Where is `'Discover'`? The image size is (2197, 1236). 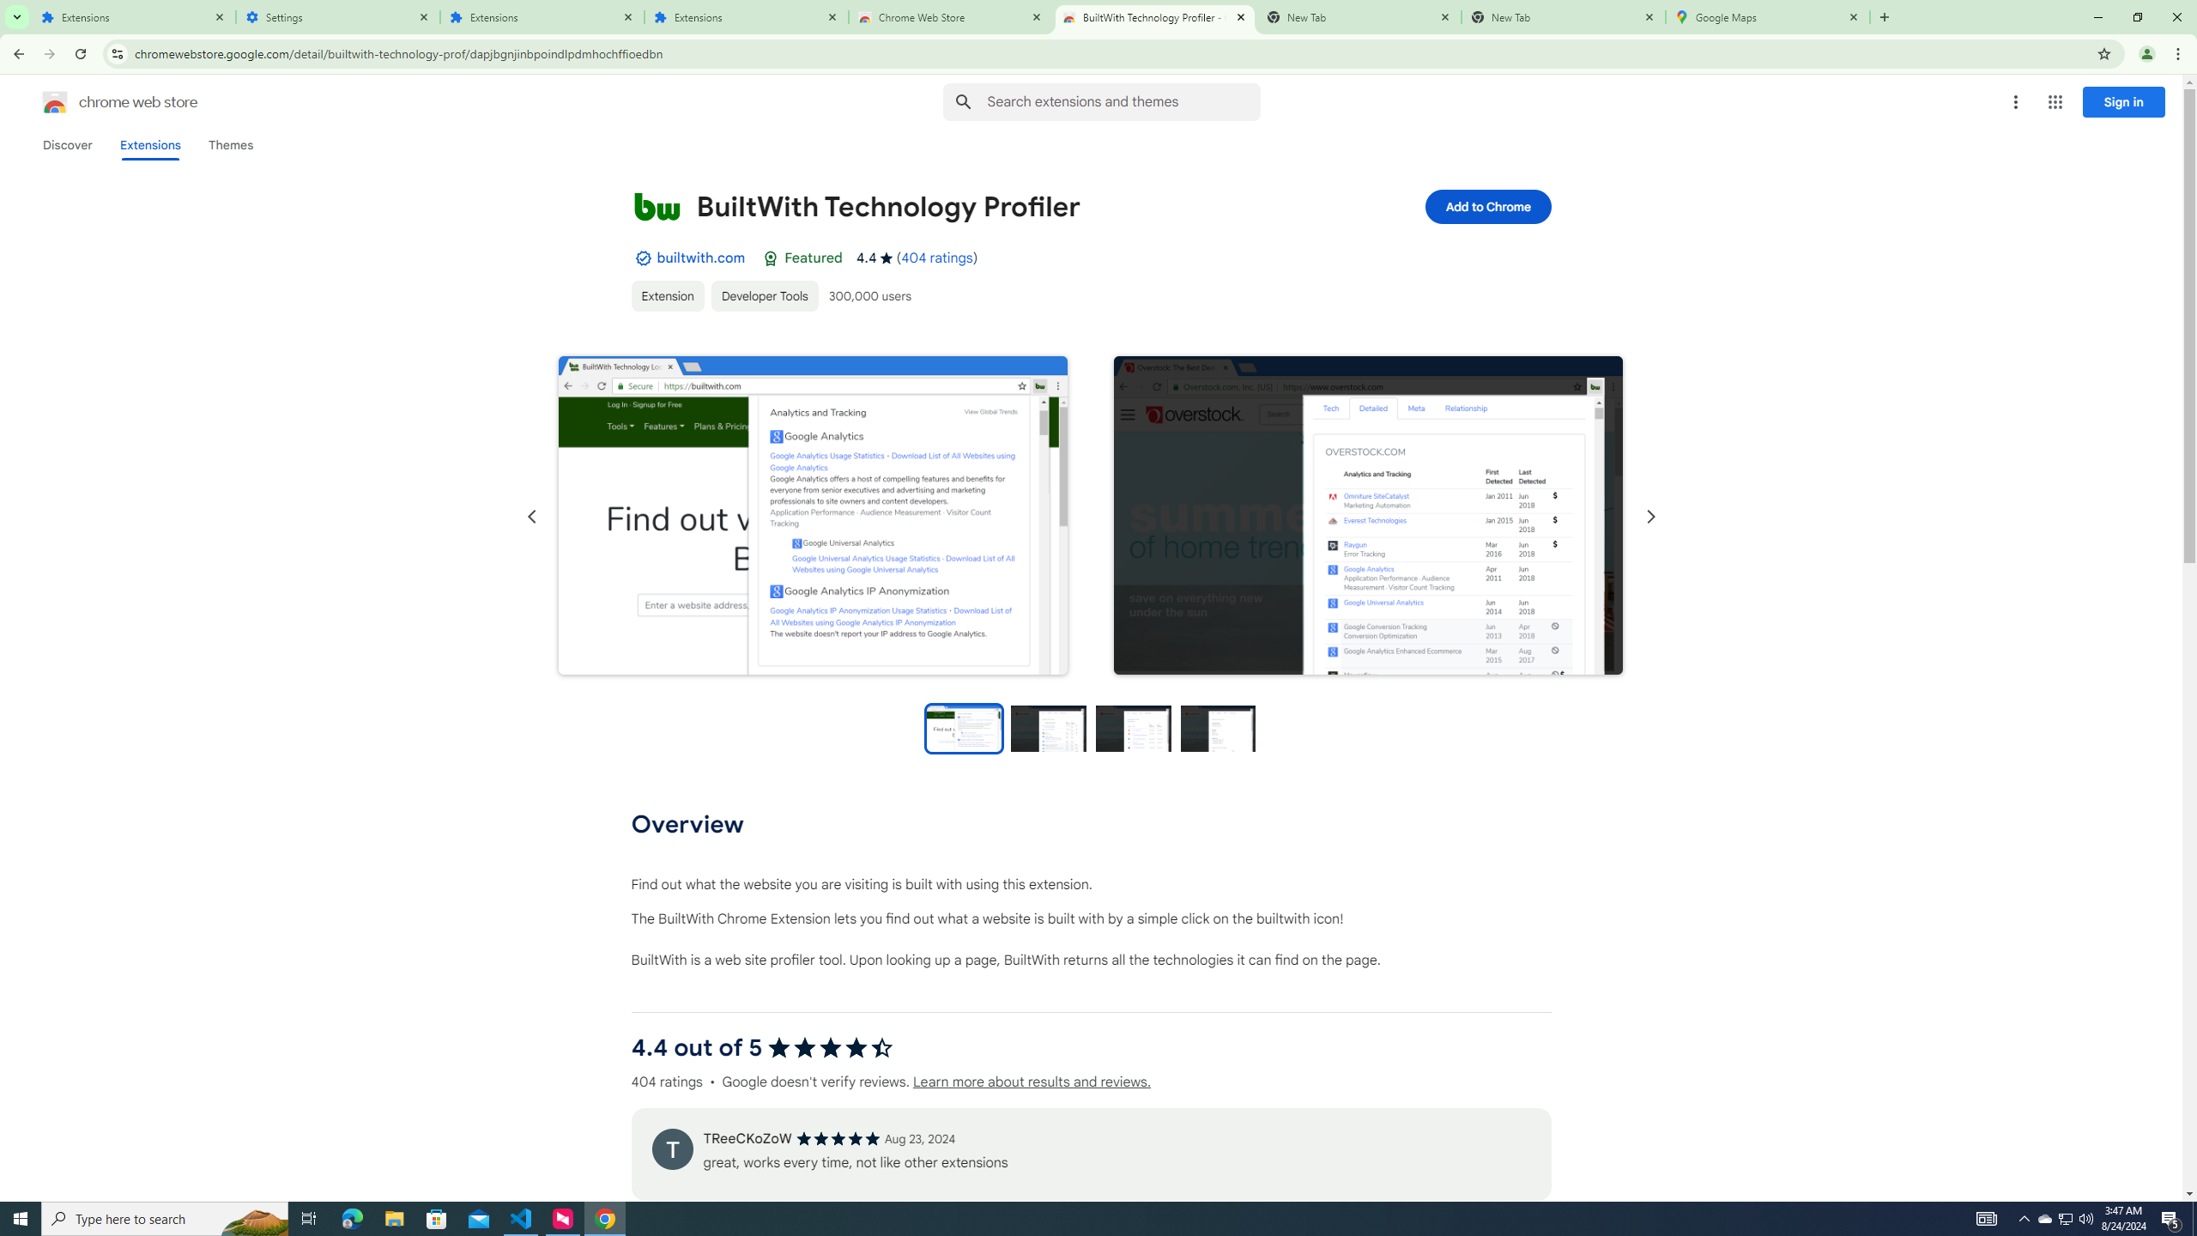 'Discover' is located at coordinates (66, 144).